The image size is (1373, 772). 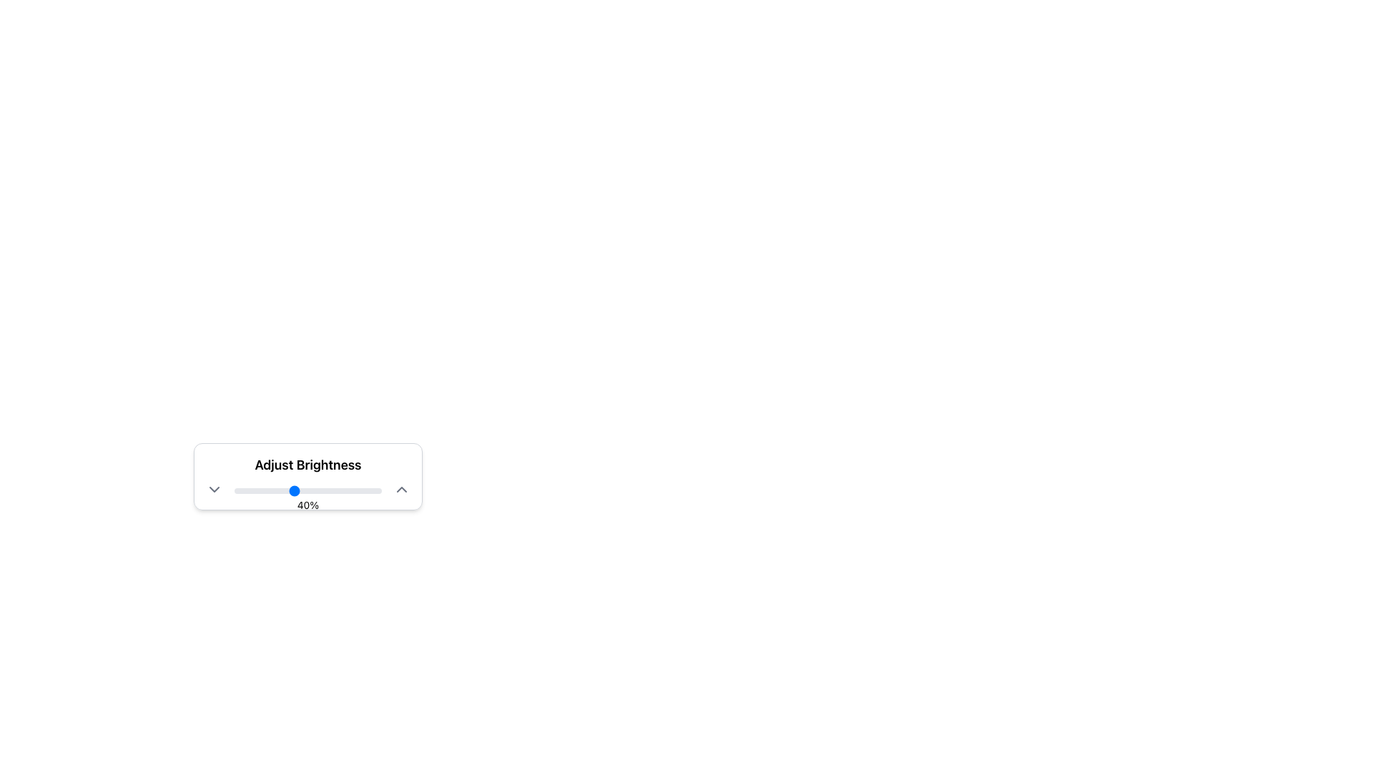 I want to click on the brightness level, so click(x=312, y=490).